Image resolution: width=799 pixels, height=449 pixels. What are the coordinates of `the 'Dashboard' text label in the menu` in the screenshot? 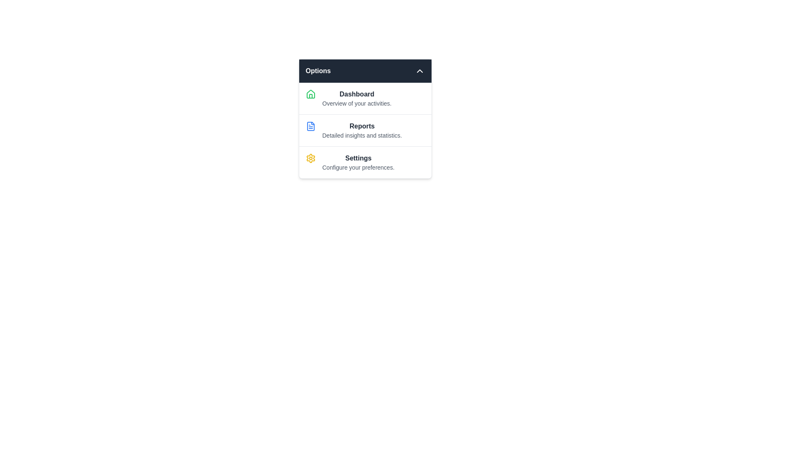 It's located at (357, 98).